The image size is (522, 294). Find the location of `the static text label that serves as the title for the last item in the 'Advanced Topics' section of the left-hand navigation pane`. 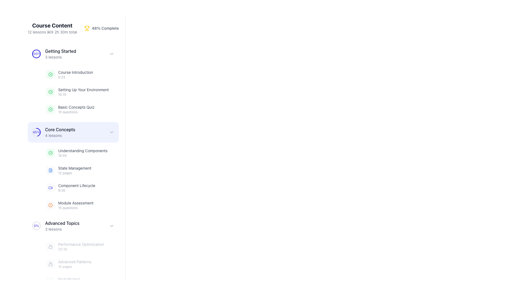

the static text label that serves as the title for the last item in the 'Advanced Topics' section of the left-hand navigation pane is located at coordinates (69, 279).